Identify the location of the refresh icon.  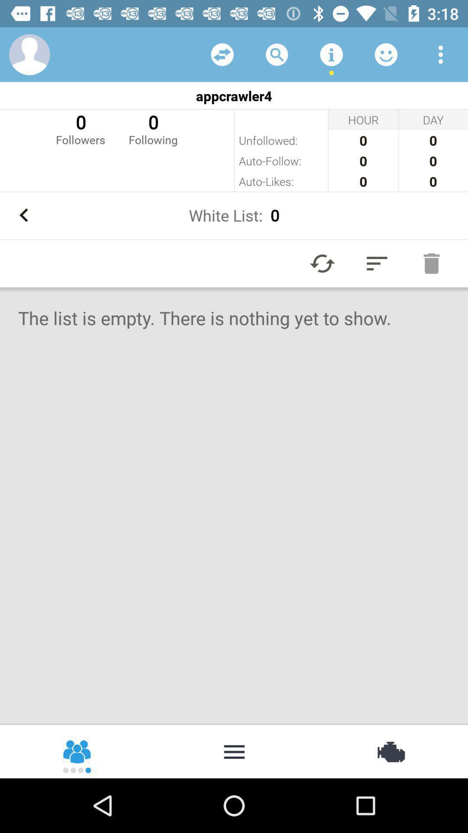
(322, 263).